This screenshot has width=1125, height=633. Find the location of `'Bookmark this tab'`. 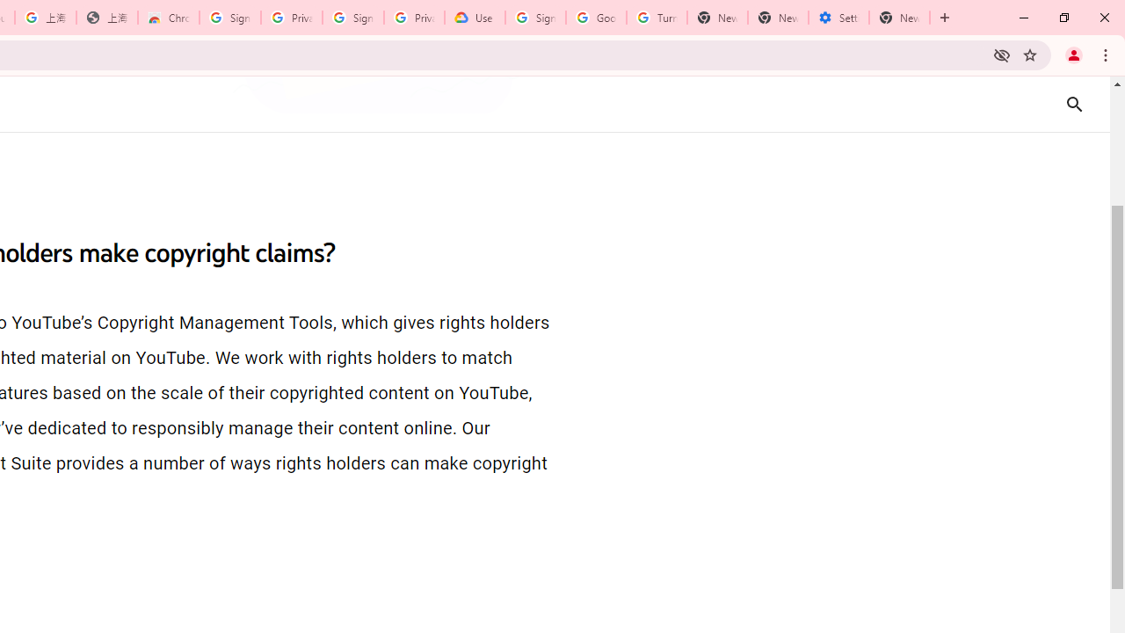

'Bookmark this tab' is located at coordinates (1029, 54).